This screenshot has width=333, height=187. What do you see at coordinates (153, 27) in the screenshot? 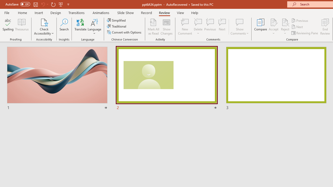
I see `'Mark All as Read'` at bounding box center [153, 27].